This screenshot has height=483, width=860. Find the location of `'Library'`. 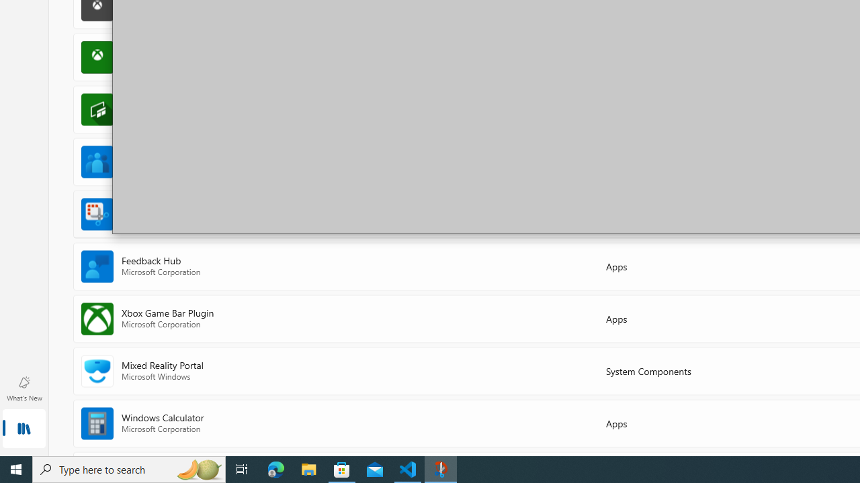

'Library' is located at coordinates (24, 429).